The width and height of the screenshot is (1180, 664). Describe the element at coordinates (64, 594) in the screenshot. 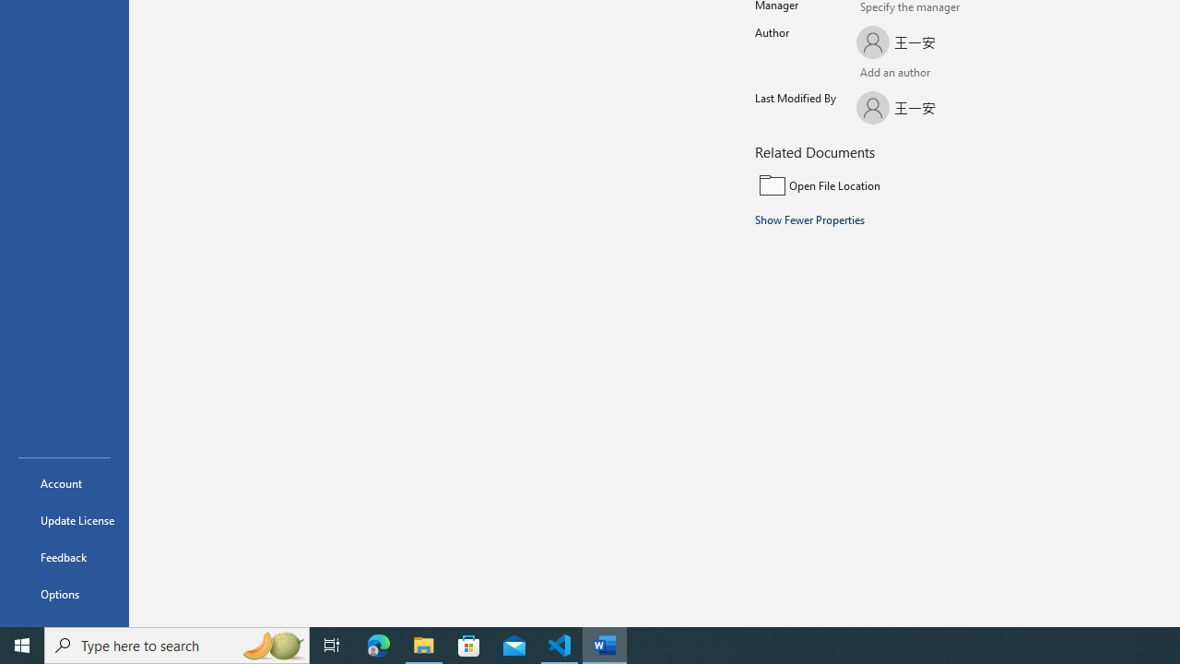

I see `'Options'` at that location.